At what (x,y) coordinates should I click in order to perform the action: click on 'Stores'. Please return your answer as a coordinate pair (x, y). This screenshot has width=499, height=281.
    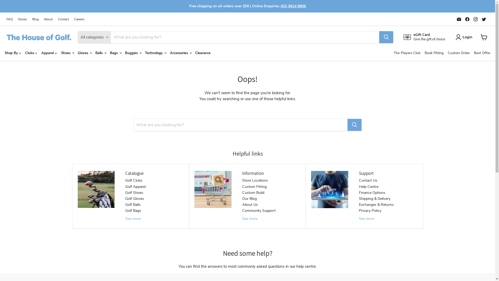
    Looking at the image, I should click on (18, 19).